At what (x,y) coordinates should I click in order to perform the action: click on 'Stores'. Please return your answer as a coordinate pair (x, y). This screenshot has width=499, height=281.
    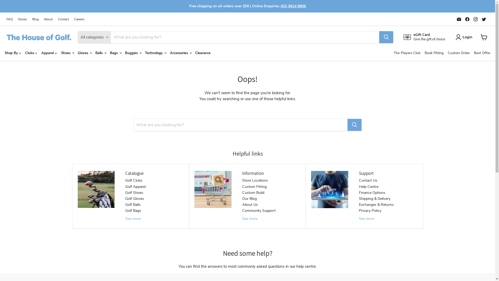
    Looking at the image, I should click on (18, 19).